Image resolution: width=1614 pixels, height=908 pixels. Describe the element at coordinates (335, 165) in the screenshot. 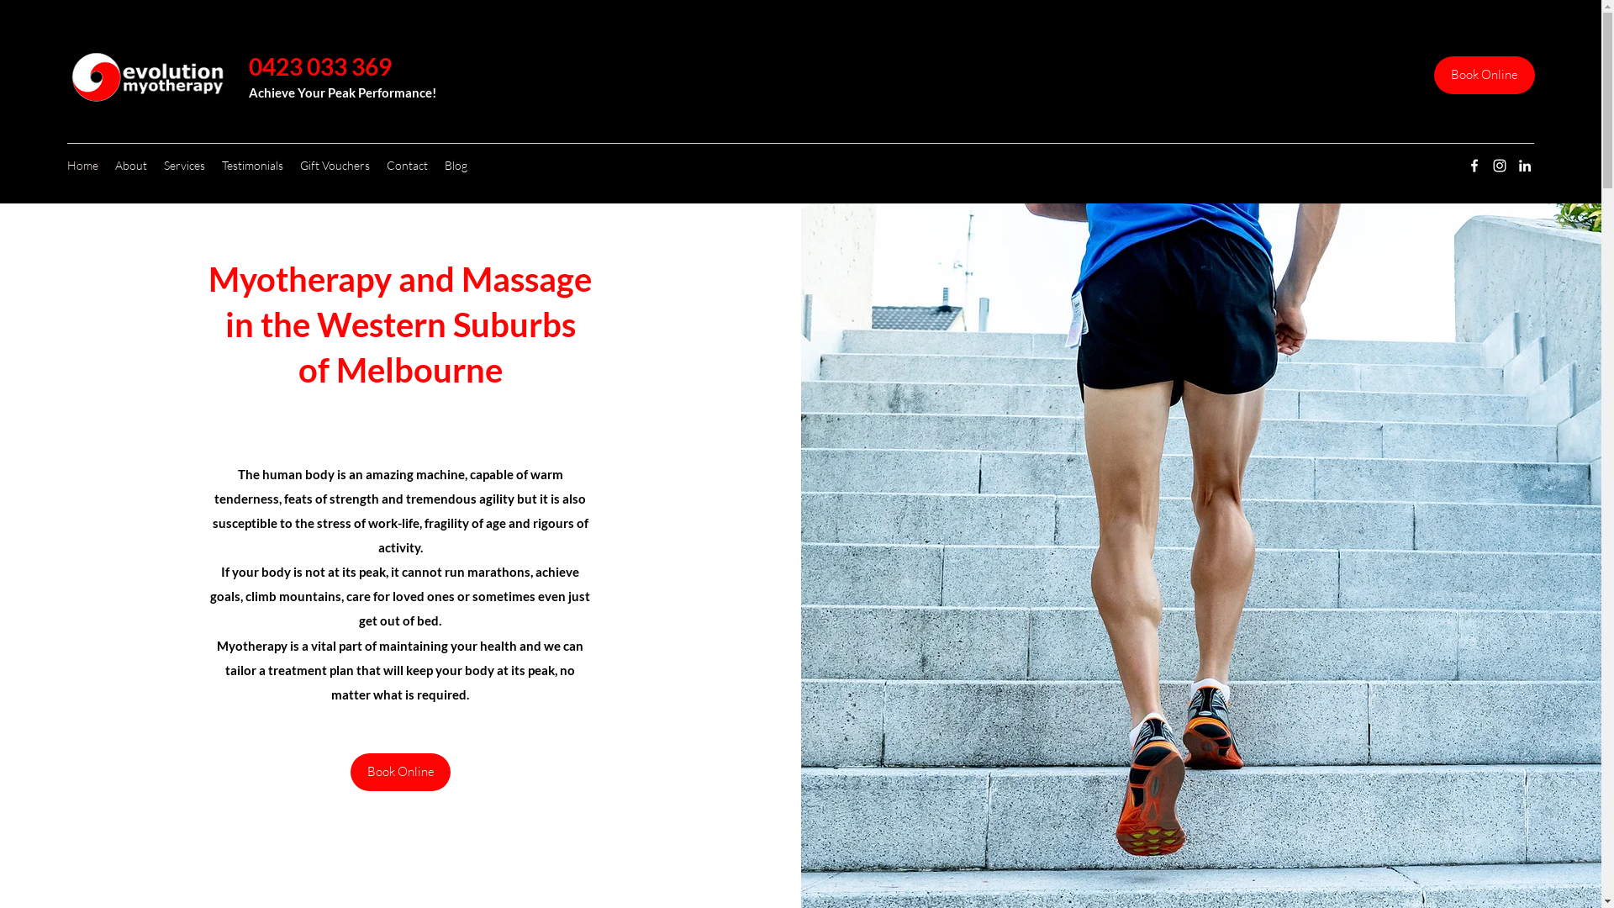

I see `'Gift Vouchers'` at that location.